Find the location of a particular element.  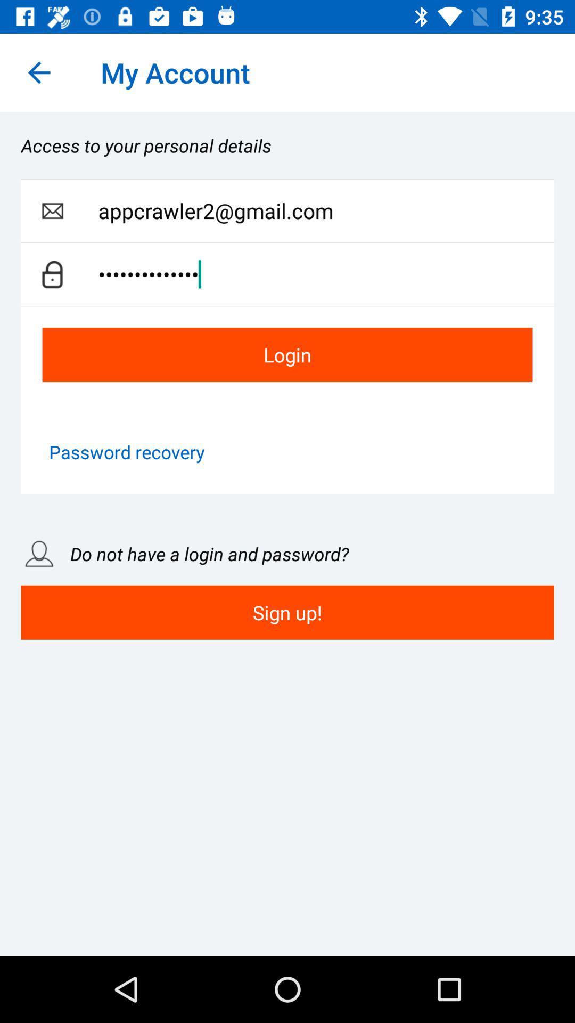

app to the left of the my account item is located at coordinates (38, 72).